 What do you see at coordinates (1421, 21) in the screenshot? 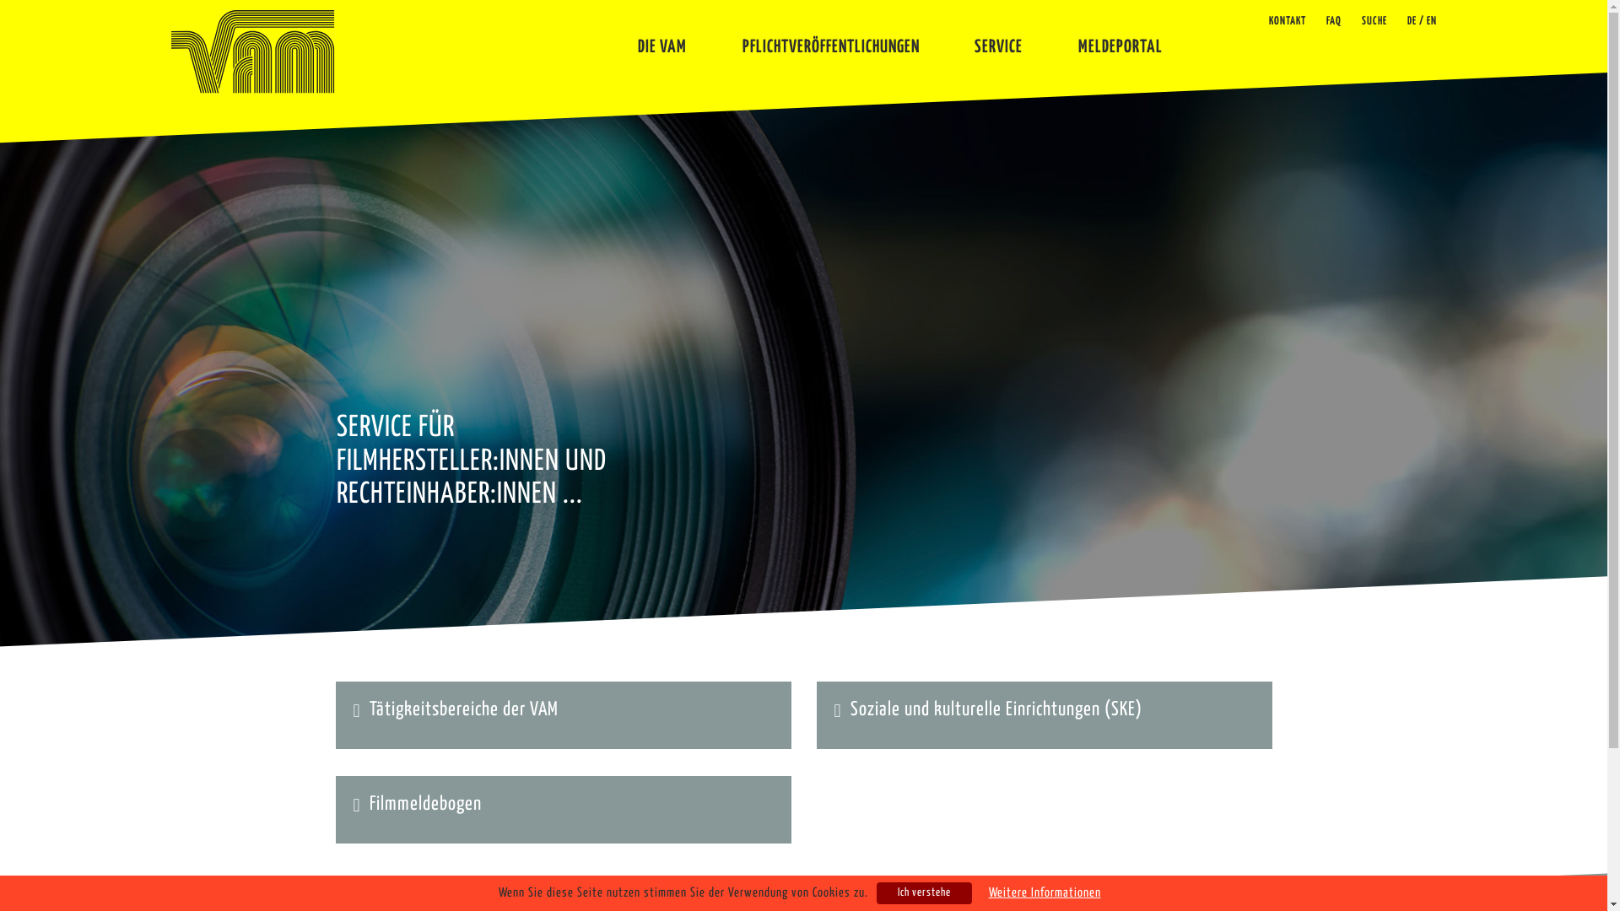
I see `'DE / EN'` at bounding box center [1421, 21].